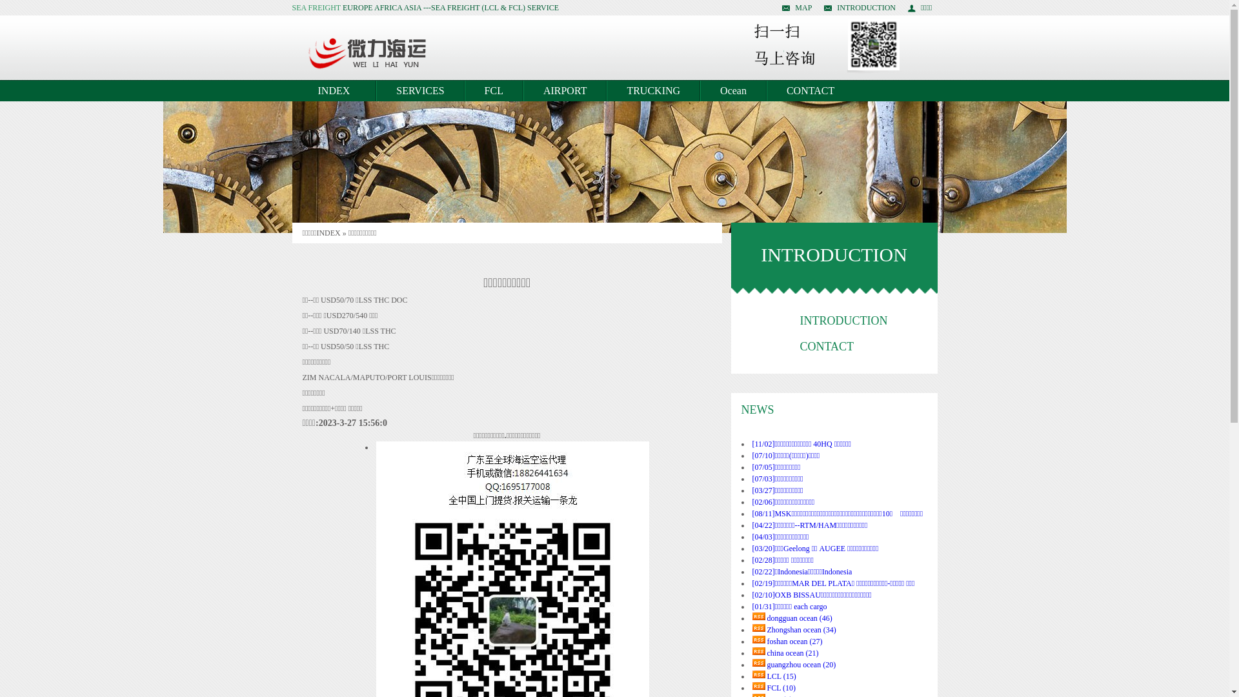 This screenshot has width=1239, height=697. Describe the element at coordinates (767, 676) in the screenshot. I see `'LCL (15)'` at that location.